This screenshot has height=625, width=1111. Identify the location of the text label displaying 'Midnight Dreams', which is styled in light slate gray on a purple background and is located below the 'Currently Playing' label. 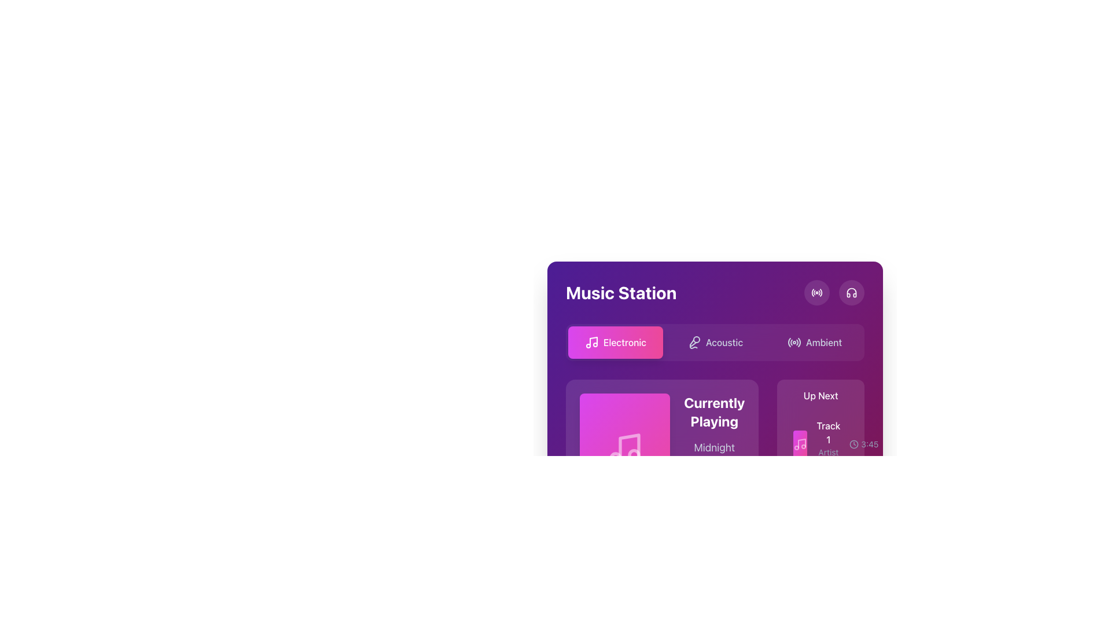
(713, 455).